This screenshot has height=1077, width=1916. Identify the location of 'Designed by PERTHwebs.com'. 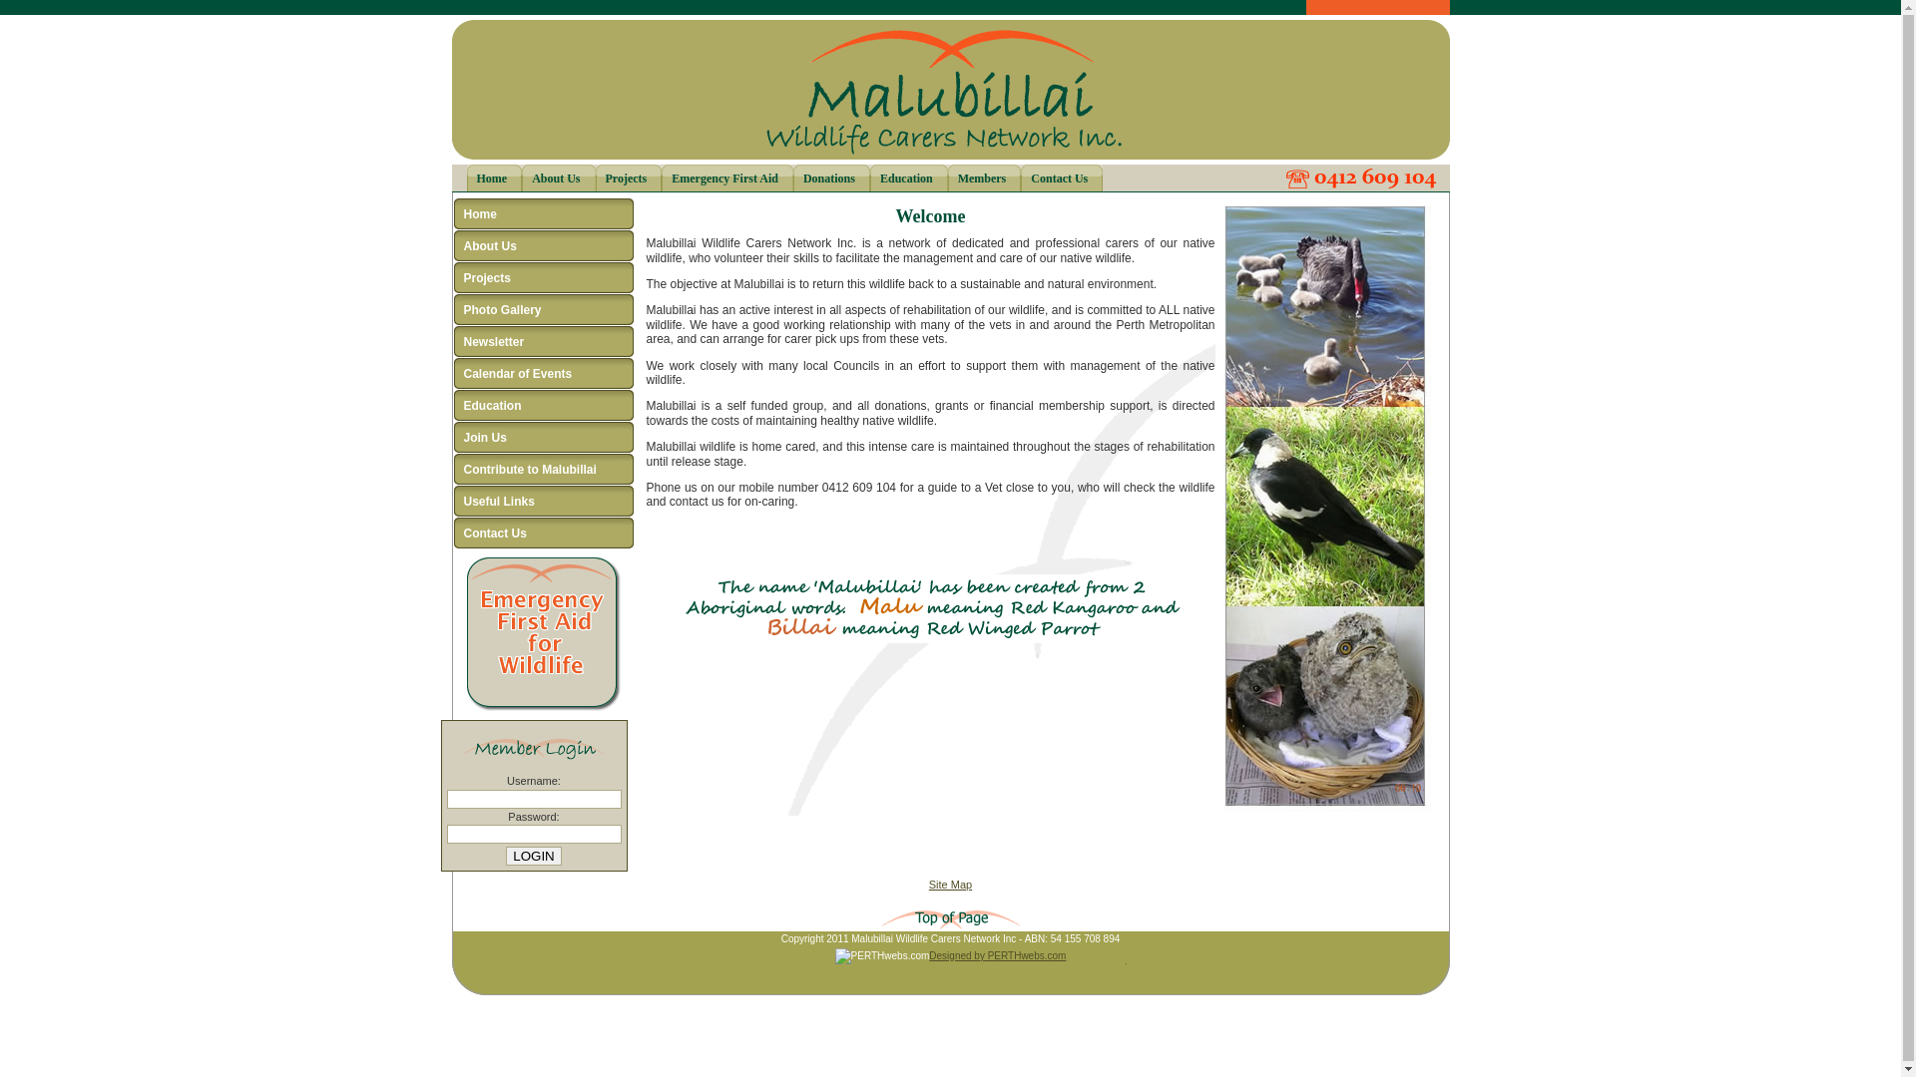
(997, 953).